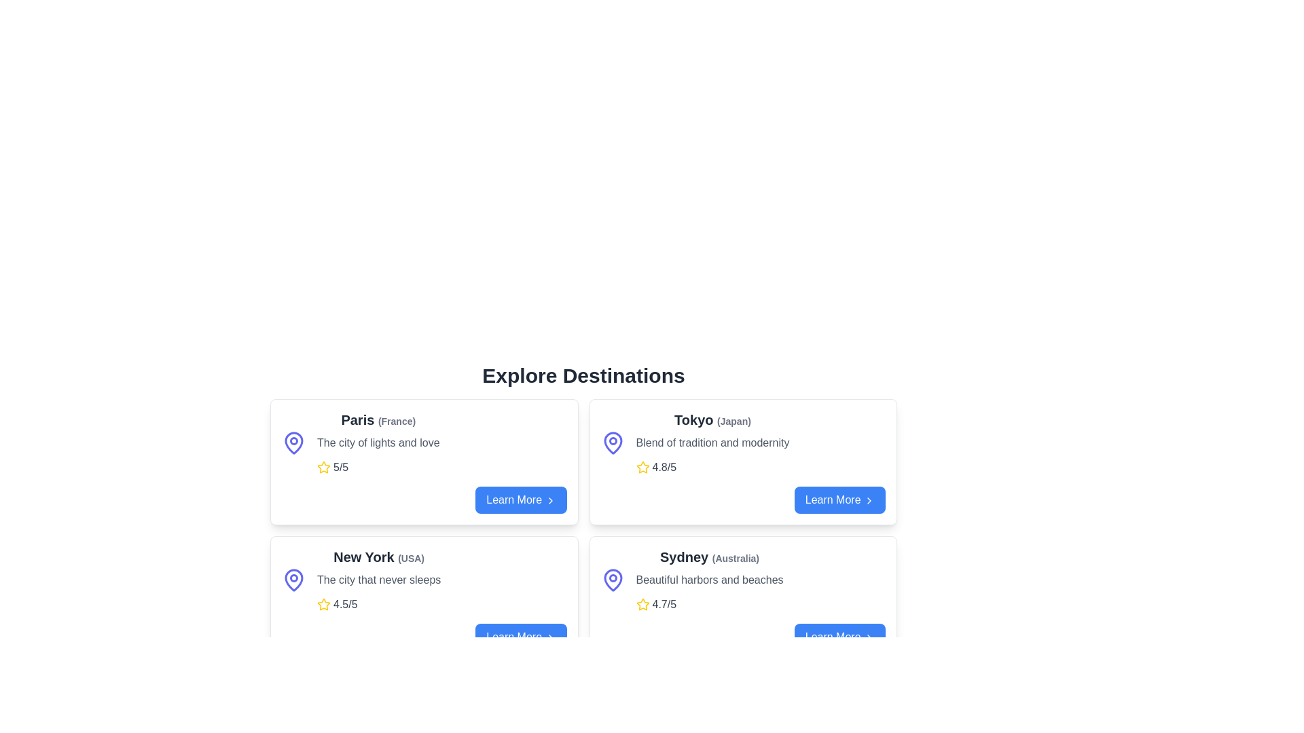 This screenshot has height=733, width=1304. What do you see at coordinates (612, 580) in the screenshot?
I see `the SVG pin icon representing the Sydney destination located in the bottom-right section of the grid card titled 'Sydney (Australia)'` at bounding box center [612, 580].